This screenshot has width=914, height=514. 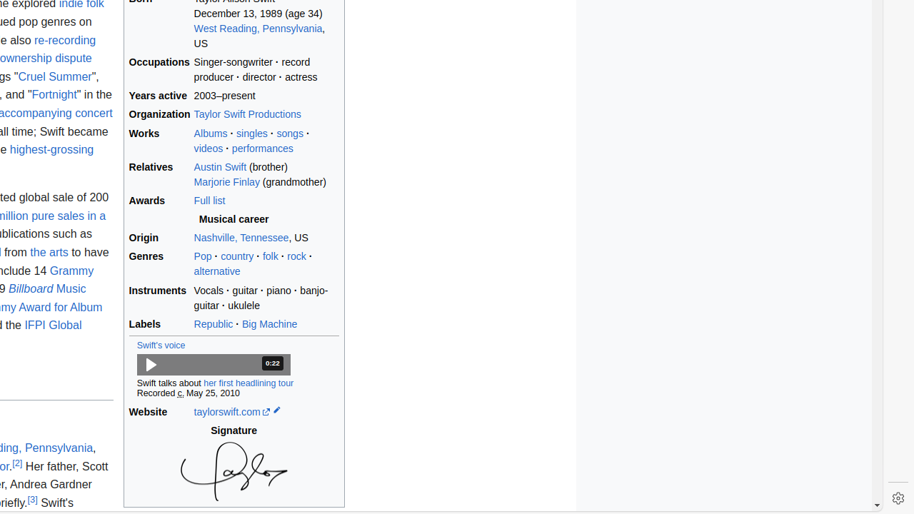 What do you see at coordinates (202, 256) in the screenshot?
I see `'Pop'` at bounding box center [202, 256].